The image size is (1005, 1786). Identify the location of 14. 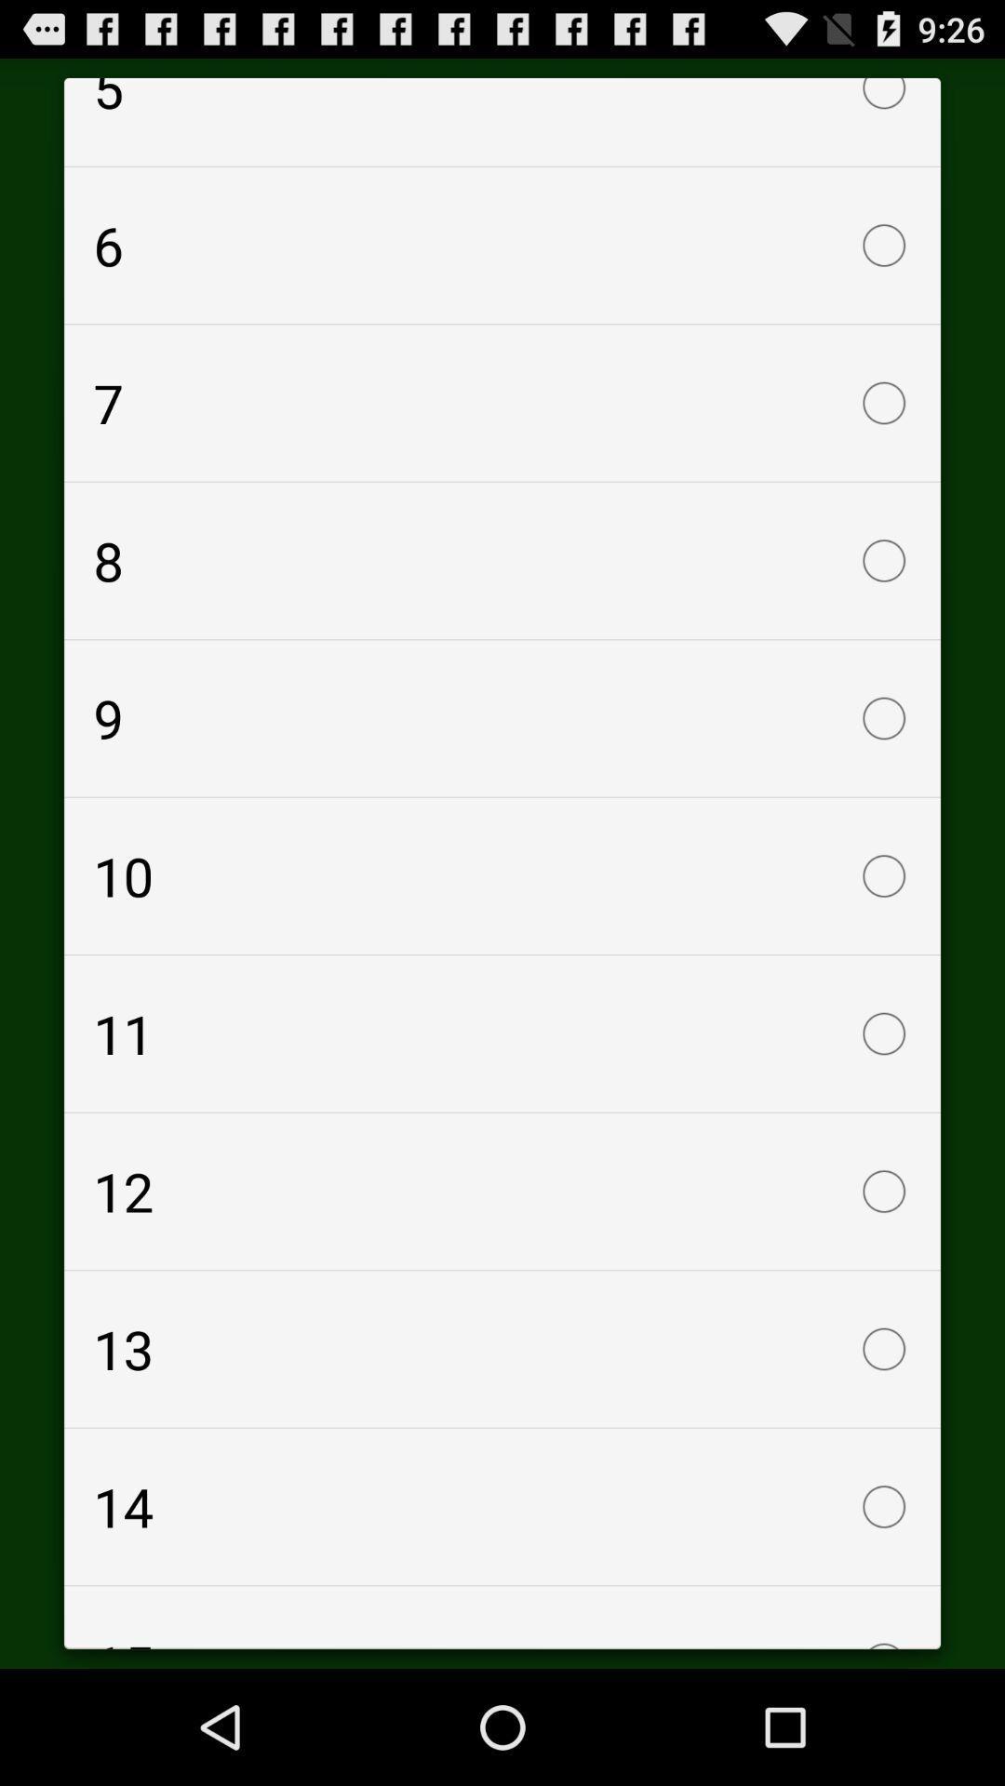
(502, 1507).